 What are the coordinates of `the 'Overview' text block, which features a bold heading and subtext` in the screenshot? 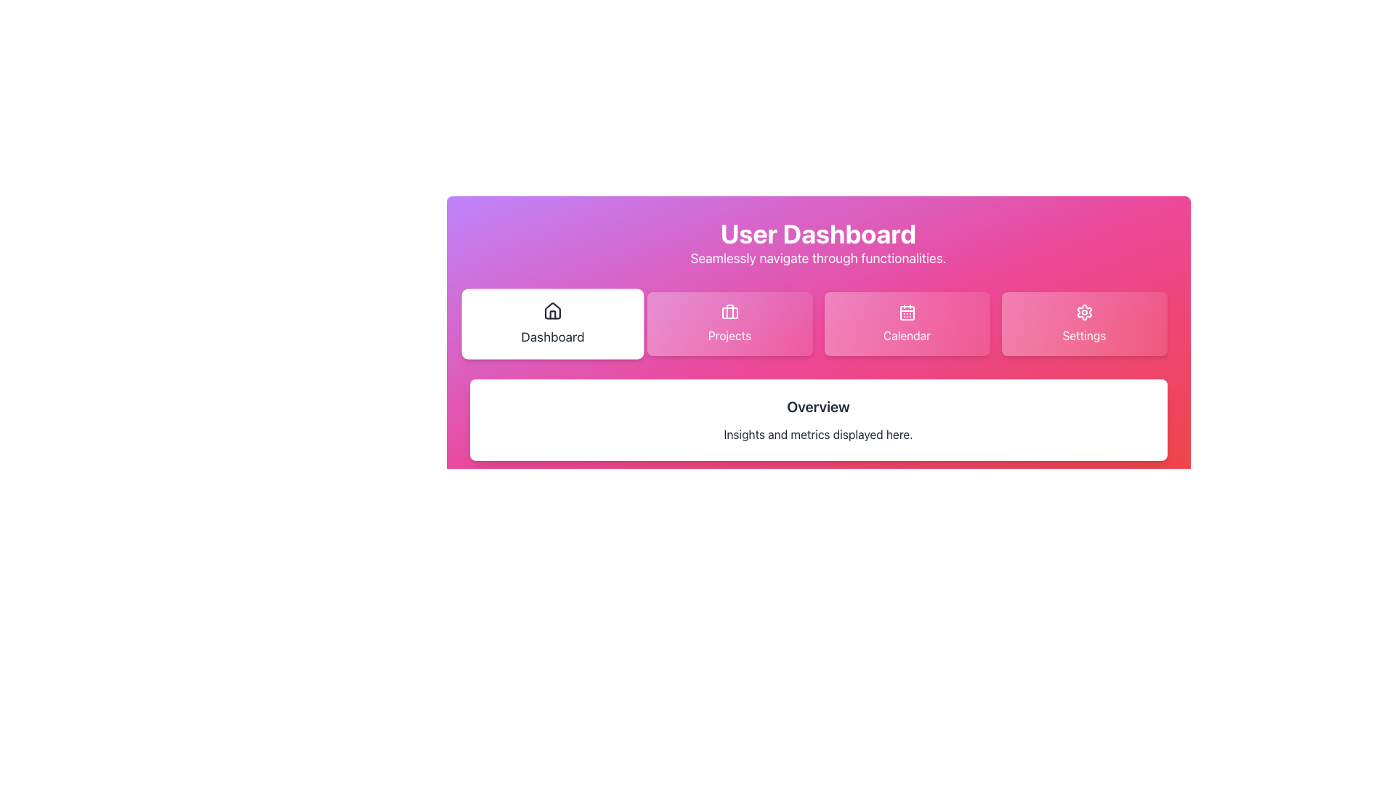 It's located at (818, 420).